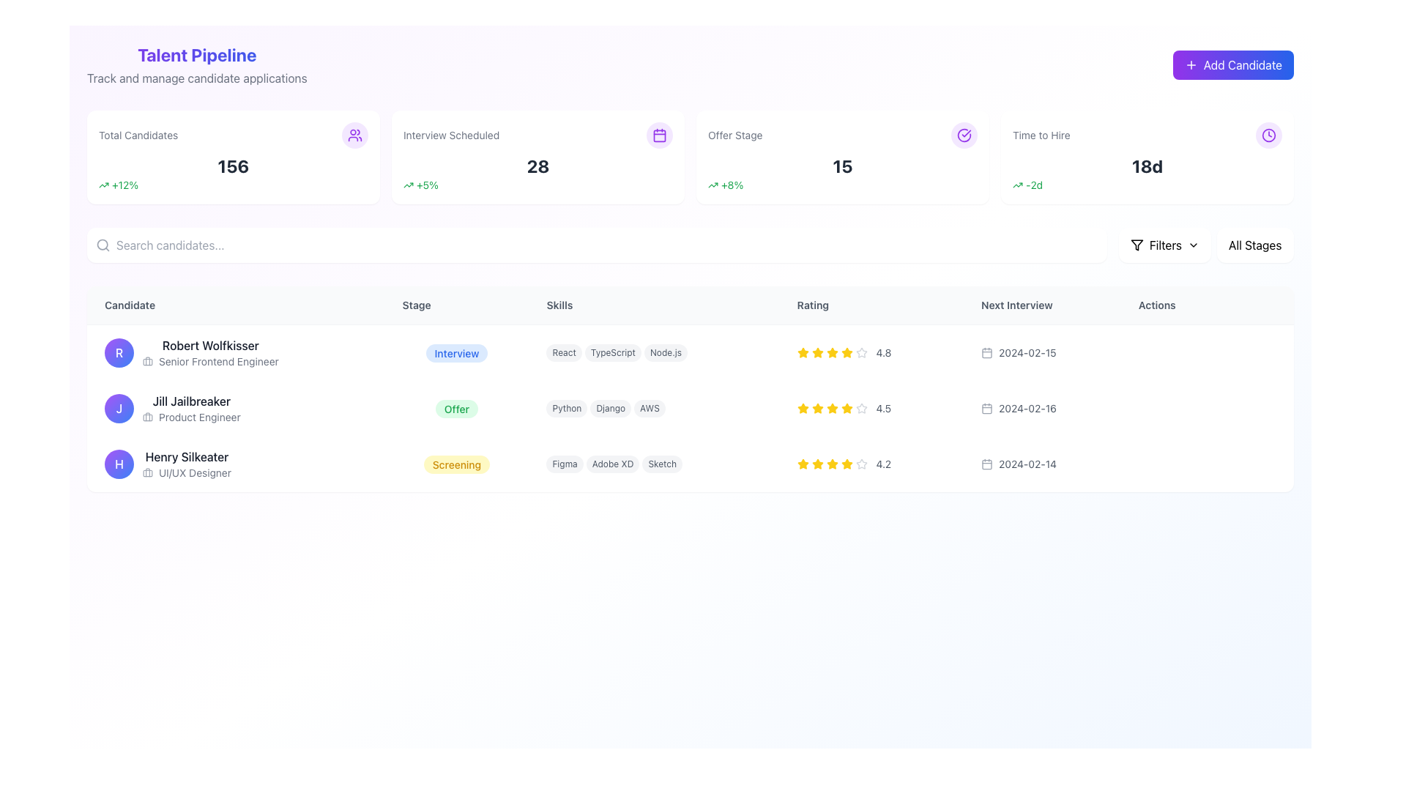 Image resolution: width=1406 pixels, height=791 pixels. What do you see at coordinates (1041, 409) in the screenshot?
I see `date displayed in the Text Label with an Icon (Date Display Component) for the candidate named 'Jill Jailbreaker', which shows '2024-02-16'` at bounding box center [1041, 409].